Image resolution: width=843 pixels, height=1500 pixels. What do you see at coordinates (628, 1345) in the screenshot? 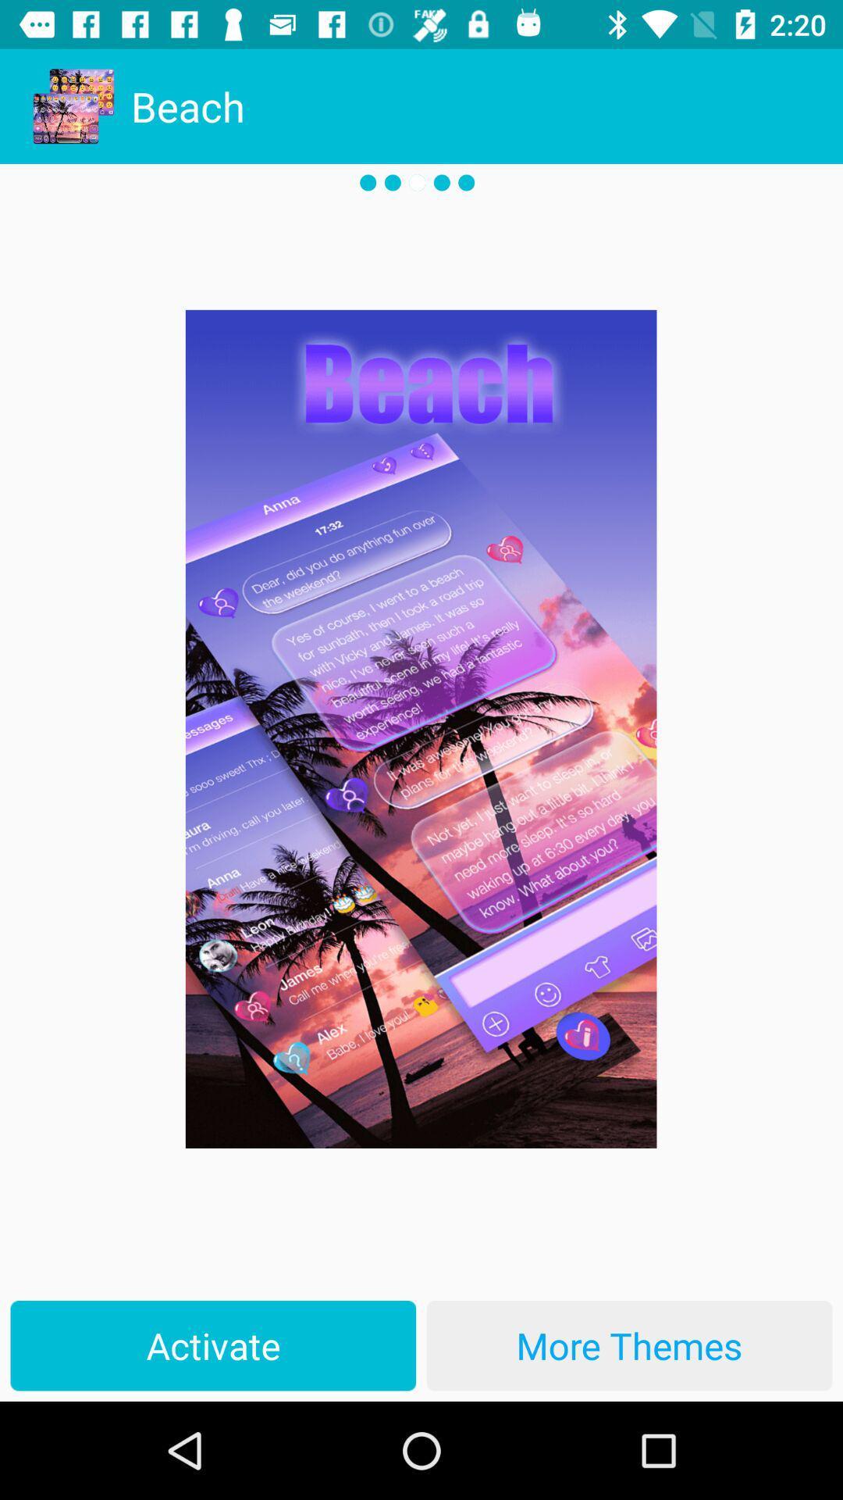
I see `more themes` at bounding box center [628, 1345].